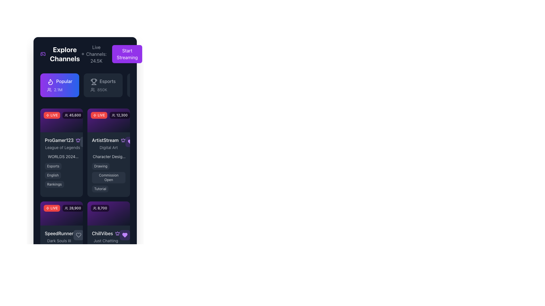  I want to click on the informational text label indicating that commissions are currently open, located below the 'Drawing' tag and above the 'Tutorial' tag in the 'ArtistStream' card, so click(109, 177).